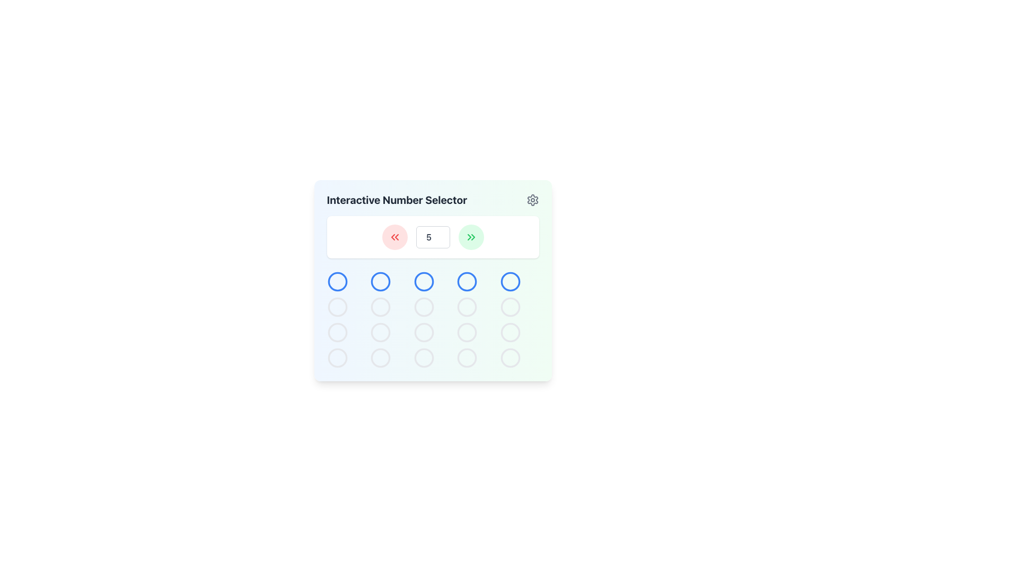 The height and width of the screenshot is (572, 1018). I want to click on the Circle graphic located in the lower-right corner of the grid of circular elements, so click(510, 358).